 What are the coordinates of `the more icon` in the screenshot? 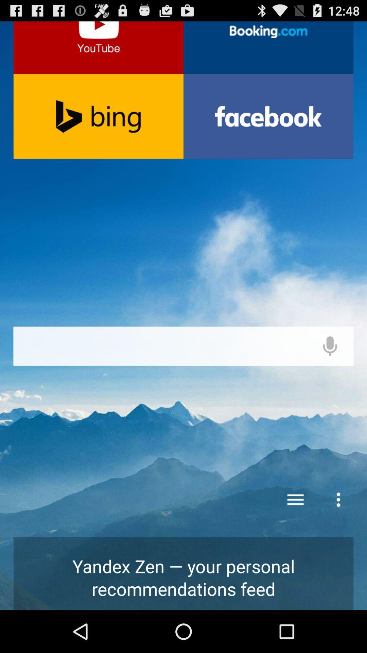 It's located at (338, 524).